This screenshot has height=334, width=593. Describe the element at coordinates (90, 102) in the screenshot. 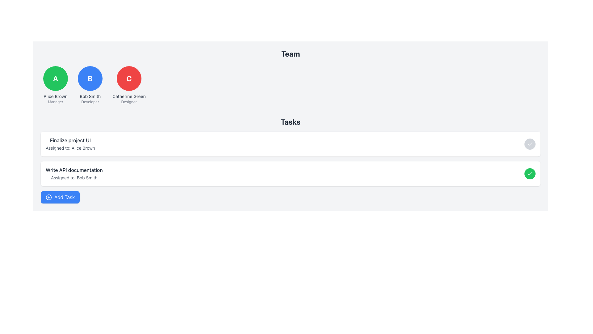

I see `the 'Developer' text label, which is a small, gray-texted label displayed below the name 'Bob Smith' in a team member column` at that location.